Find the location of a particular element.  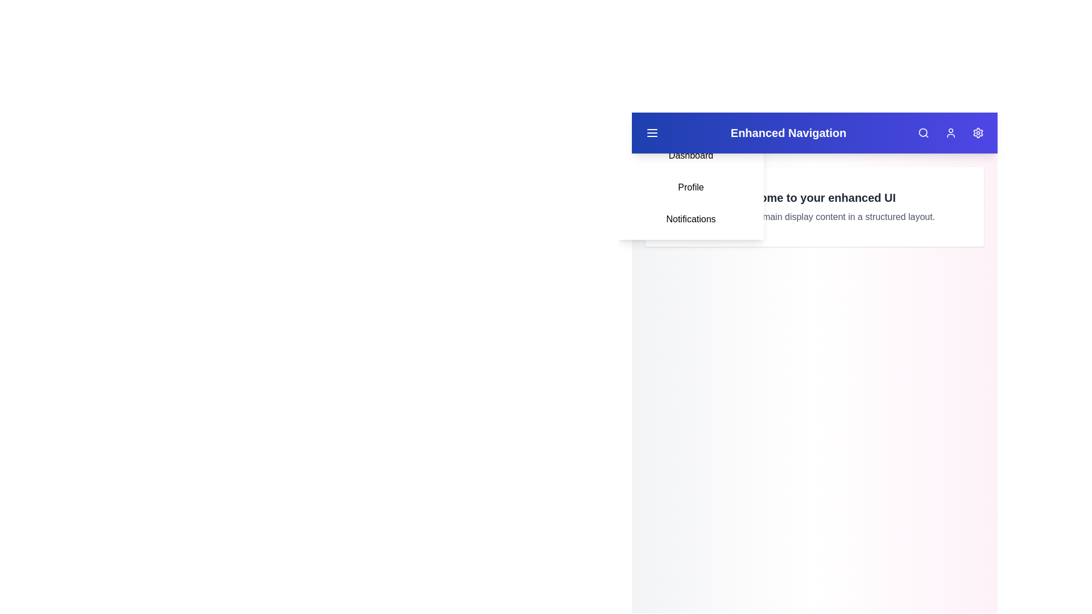

the search button located in the top-right corner of the app bar is located at coordinates (923, 132).